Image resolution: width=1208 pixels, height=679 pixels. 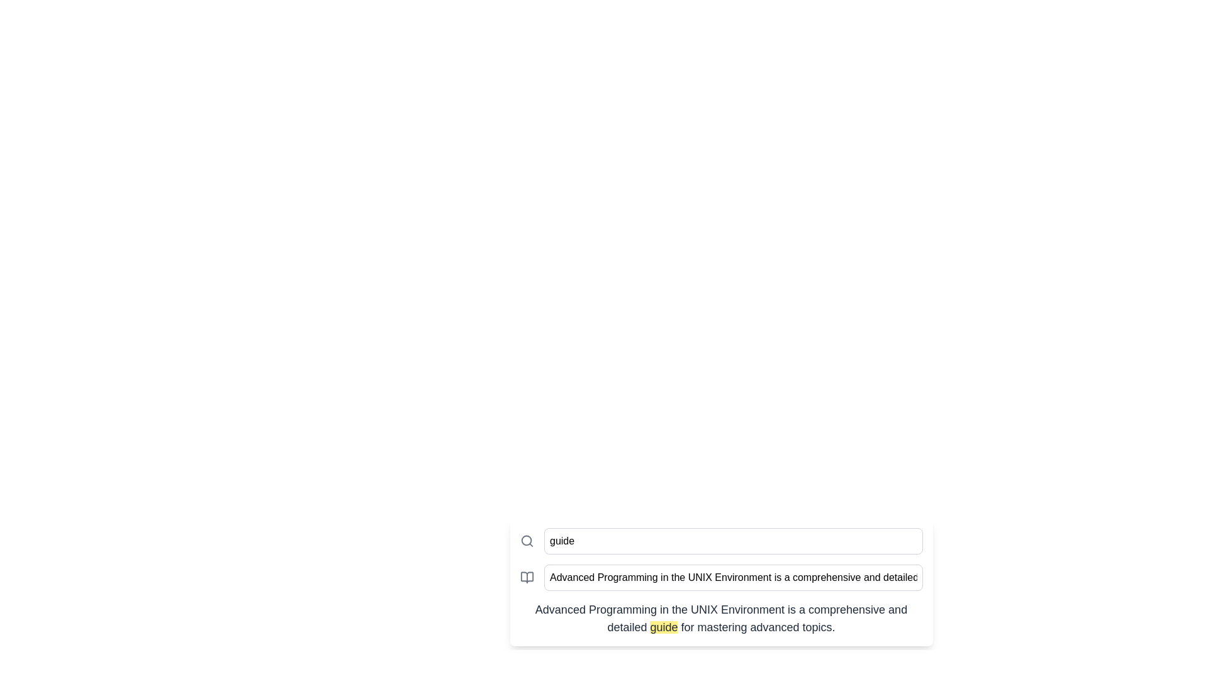 I want to click on the icon indicating a document or book, located to the left of the text field displaying 'Advanced Programming in the UNIX Environment', so click(x=527, y=577).